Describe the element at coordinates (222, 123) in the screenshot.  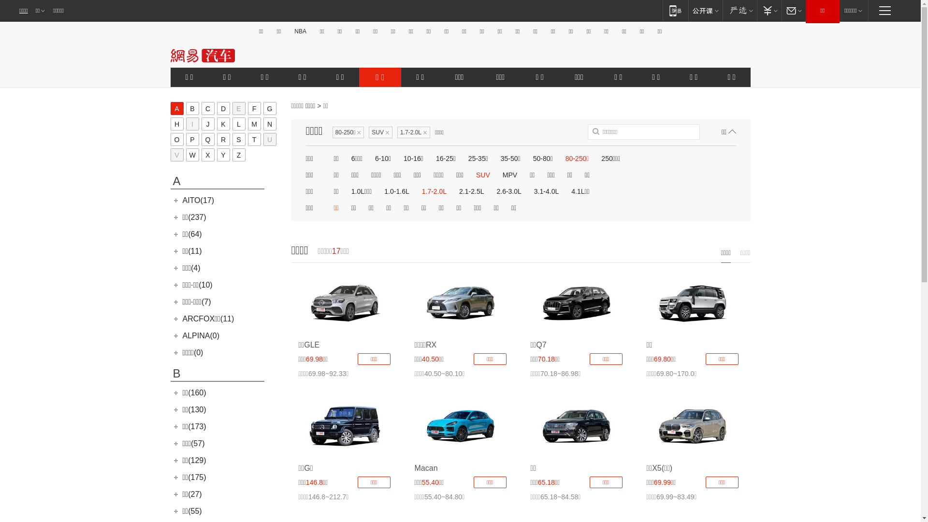
I see `'K'` at that location.